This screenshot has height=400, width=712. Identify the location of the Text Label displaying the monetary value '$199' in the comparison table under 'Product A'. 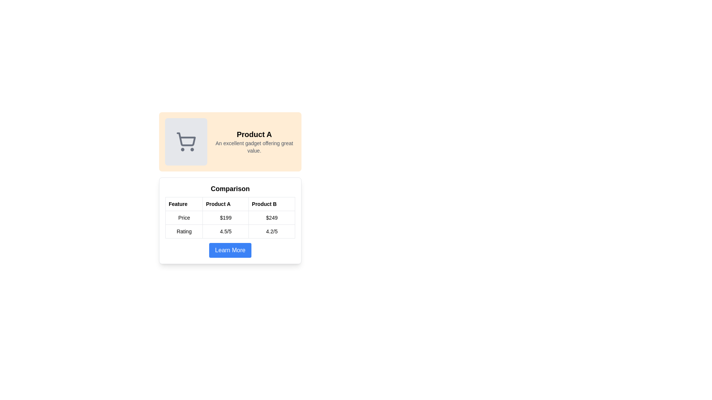
(225, 217).